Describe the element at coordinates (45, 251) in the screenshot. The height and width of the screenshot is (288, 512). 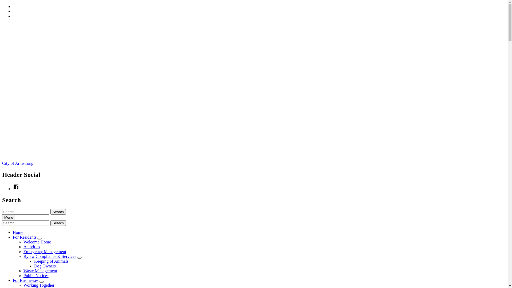
I see `'Emergency Management'` at that location.